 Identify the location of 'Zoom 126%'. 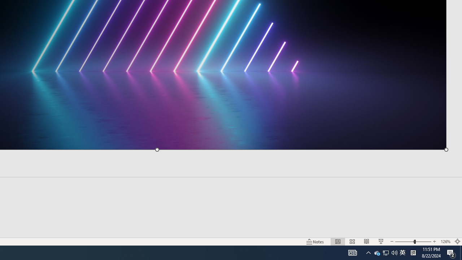
(445, 242).